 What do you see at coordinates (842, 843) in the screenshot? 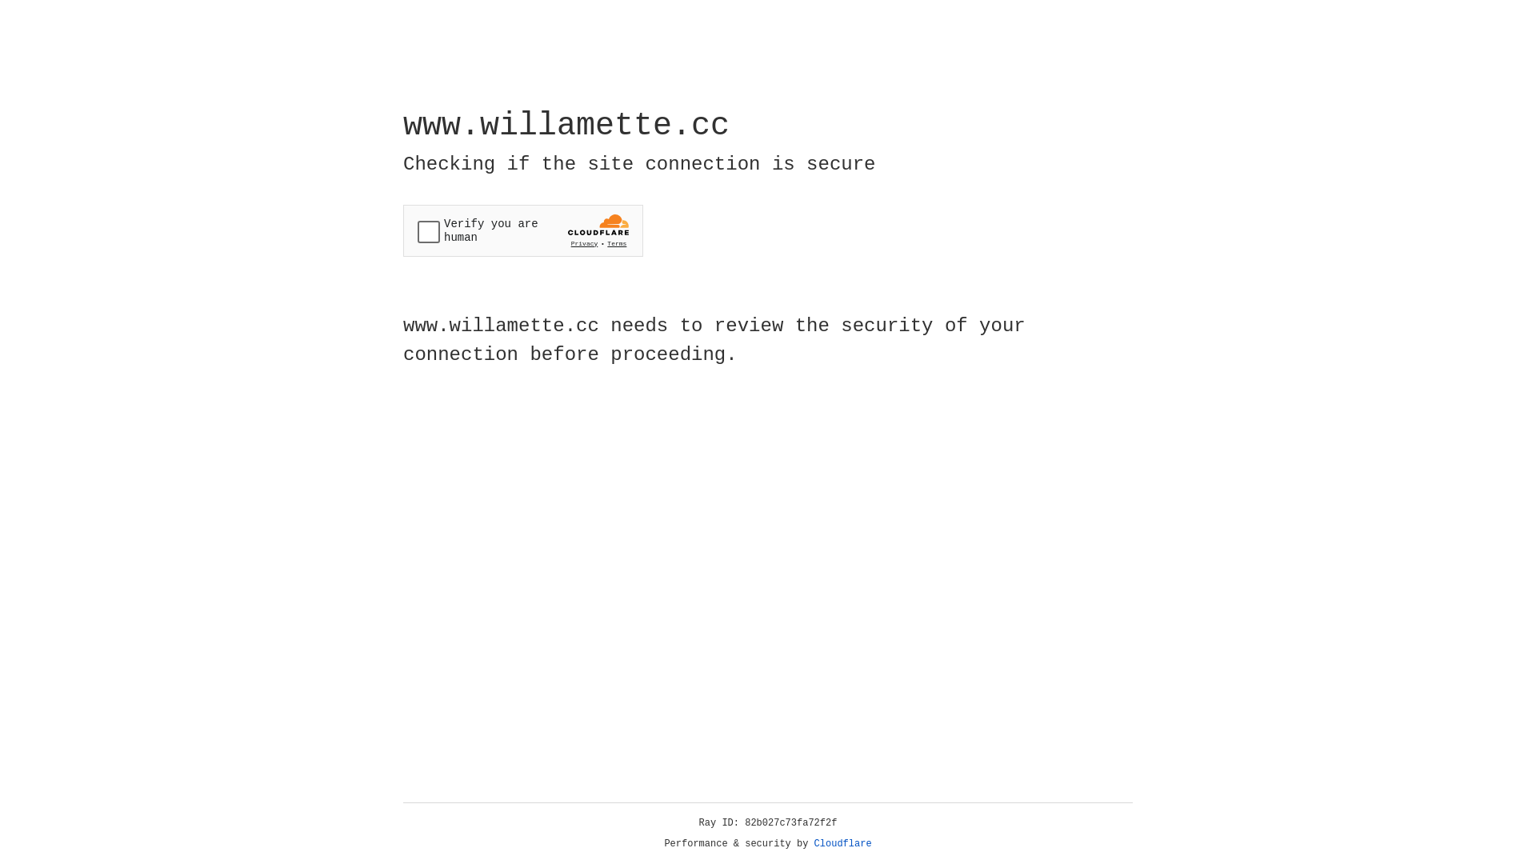
I see `'Cloudflare'` at bounding box center [842, 843].